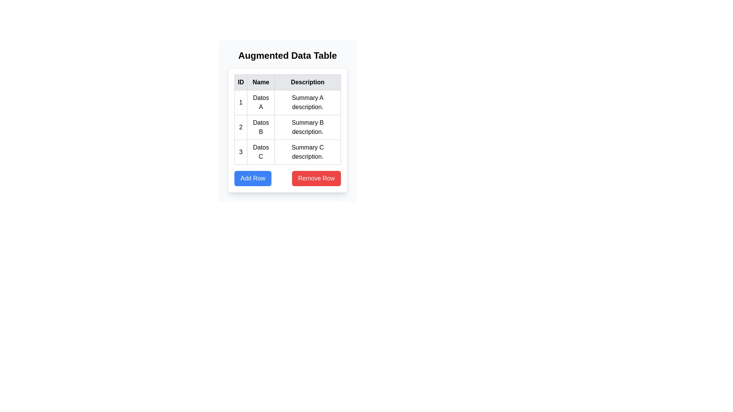  Describe the element at coordinates (316, 178) in the screenshot. I see `'Remove Row' button to remove a row from the table` at that location.